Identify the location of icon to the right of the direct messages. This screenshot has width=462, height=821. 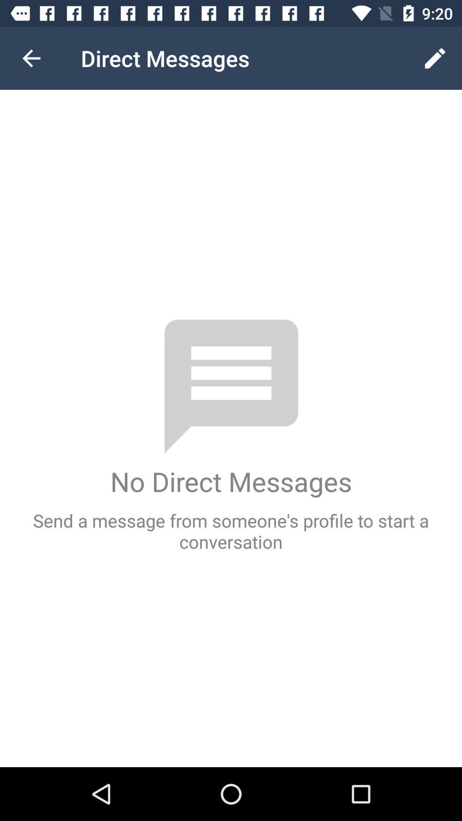
(435, 58).